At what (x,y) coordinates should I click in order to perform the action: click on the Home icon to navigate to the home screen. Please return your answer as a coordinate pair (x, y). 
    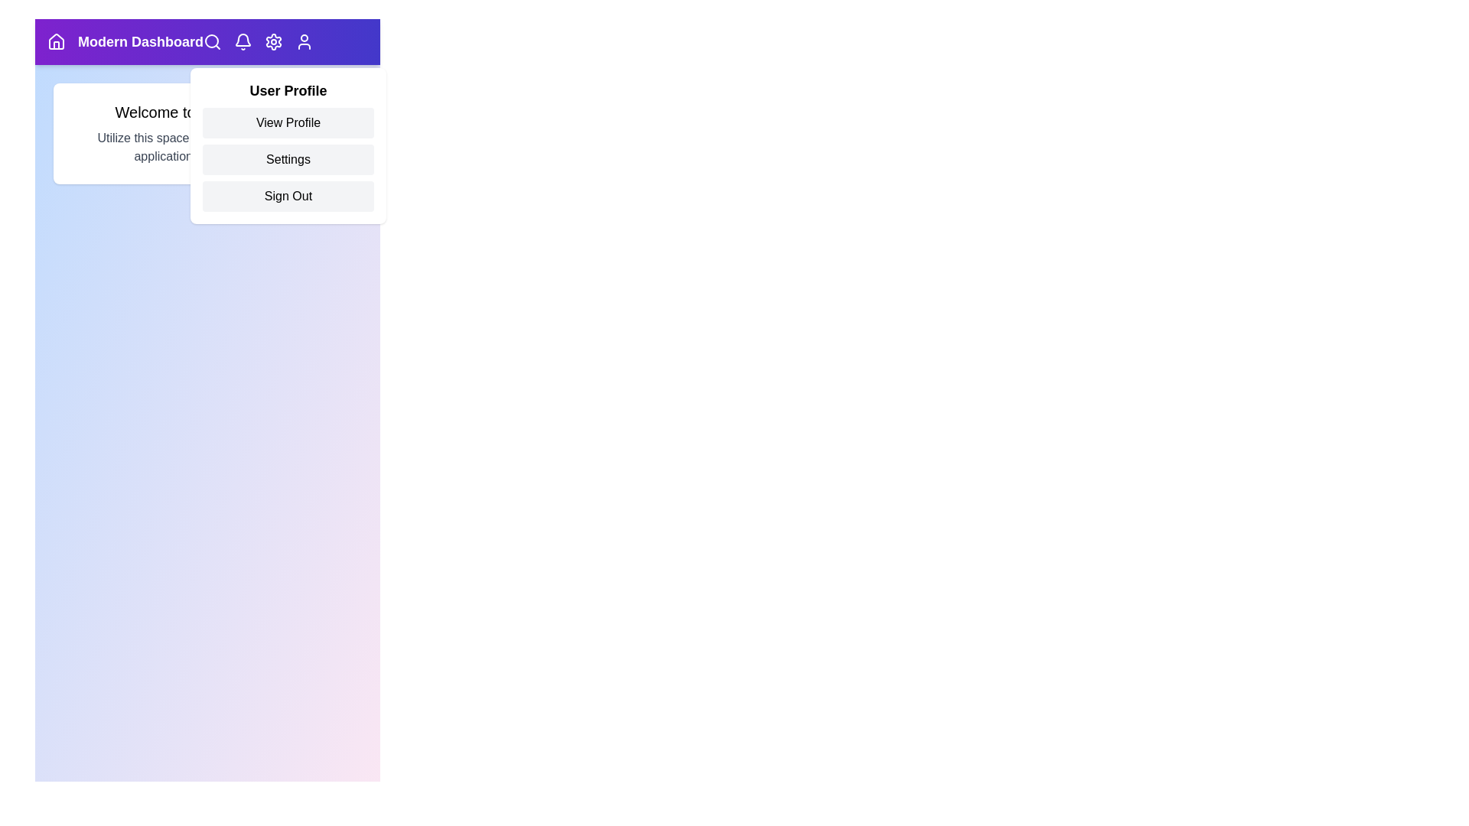
    Looking at the image, I should click on (56, 41).